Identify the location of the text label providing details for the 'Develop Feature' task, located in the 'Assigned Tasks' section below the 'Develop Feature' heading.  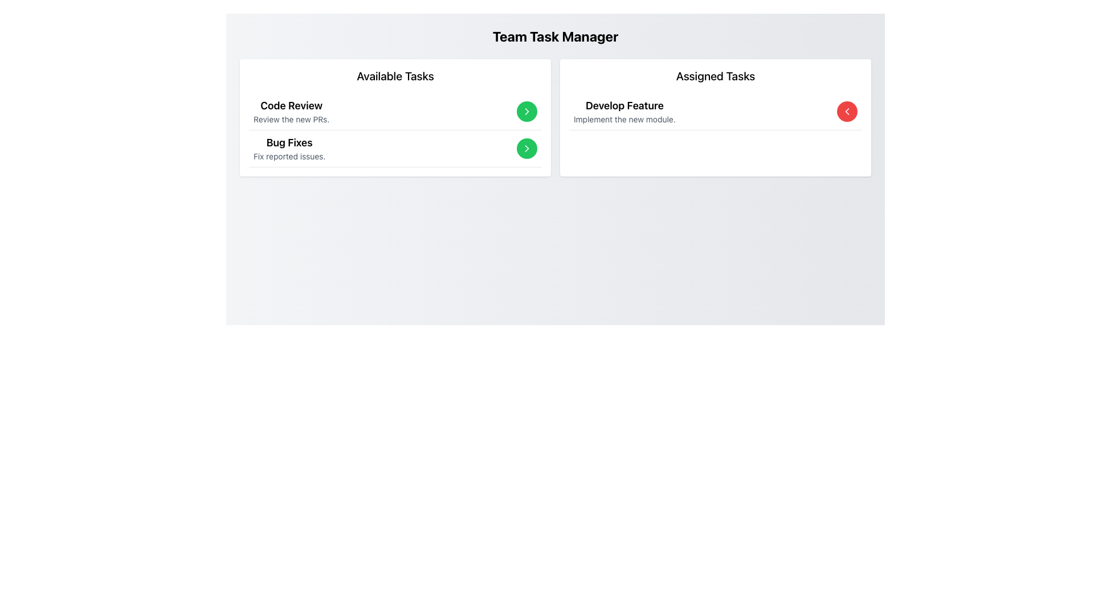
(624, 119).